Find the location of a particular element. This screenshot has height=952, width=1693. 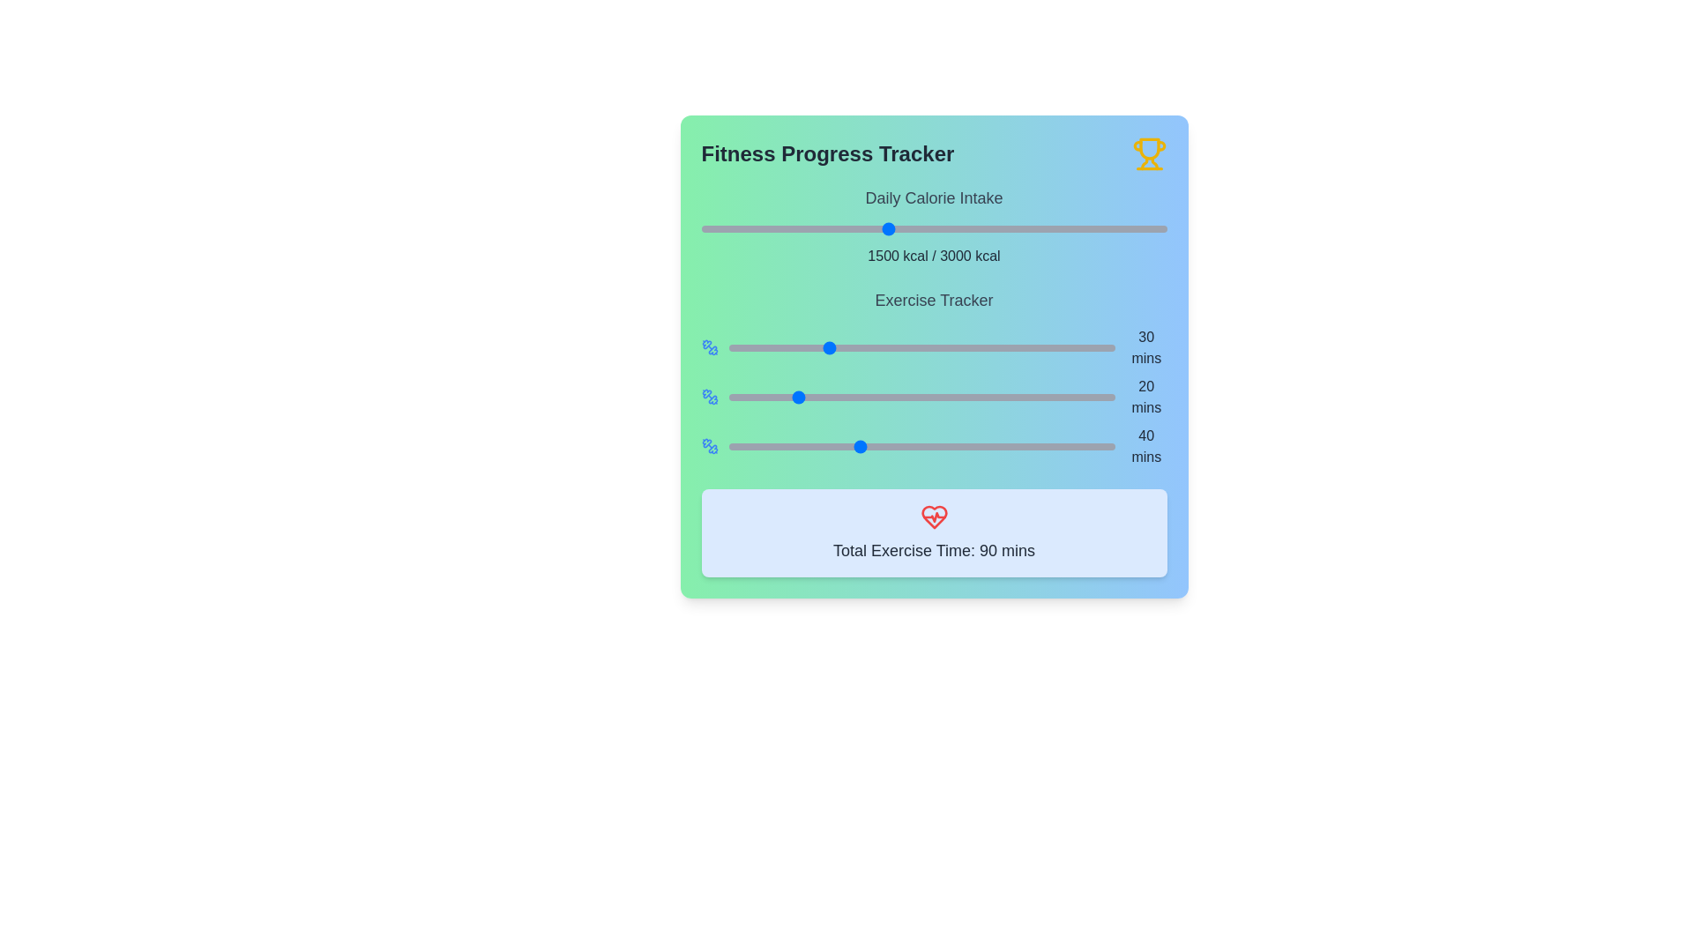

displayed value of the text label '40 mins' which is positioned within the exercise tracker area, aligned to the right of the third exercise tracker slider is located at coordinates (1146, 445).